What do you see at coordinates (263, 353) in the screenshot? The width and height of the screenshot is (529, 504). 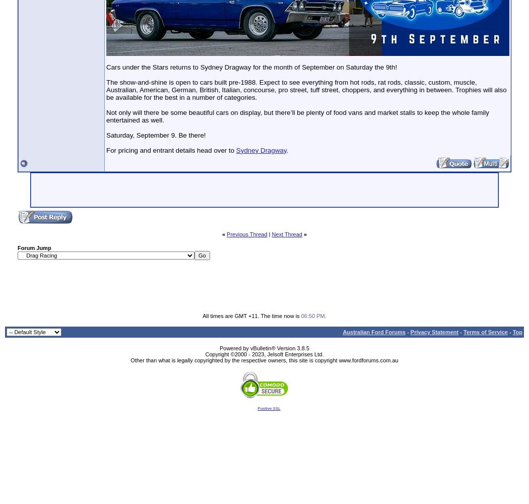 I see `'Copyright ©2000 - 2023, Jelsoft Enterprises Ltd.'` at bounding box center [263, 353].